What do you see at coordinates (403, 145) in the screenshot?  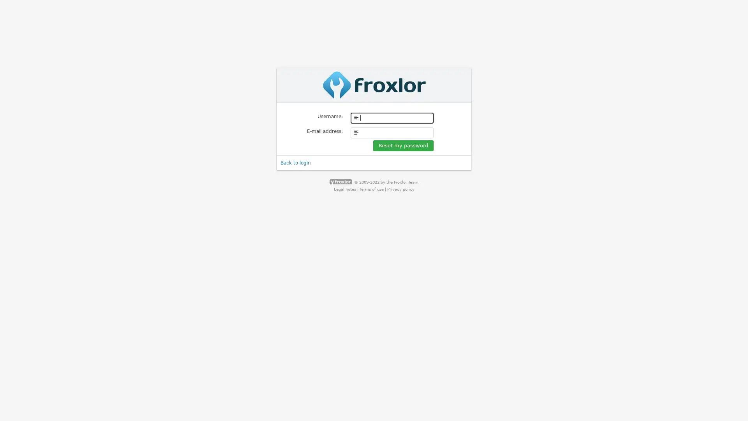 I see `Reset my password` at bounding box center [403, 145].